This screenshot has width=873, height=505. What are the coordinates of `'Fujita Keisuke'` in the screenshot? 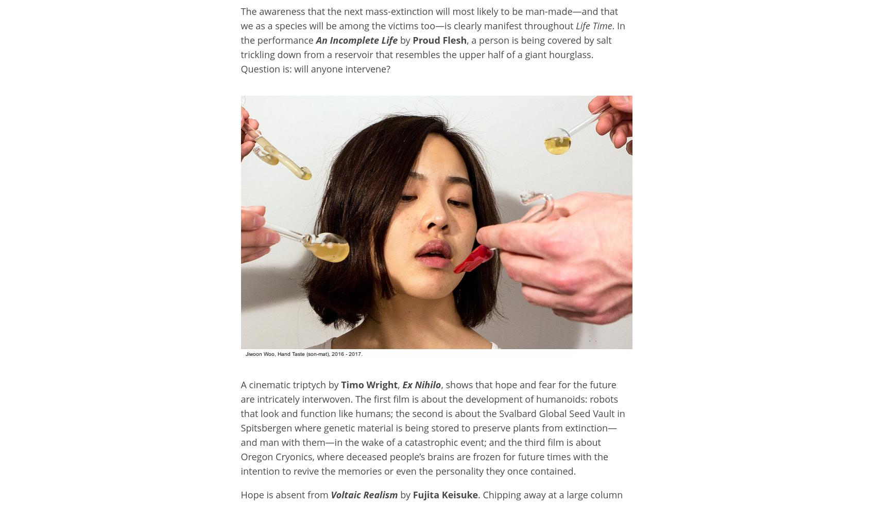 It's located at (444, 495).